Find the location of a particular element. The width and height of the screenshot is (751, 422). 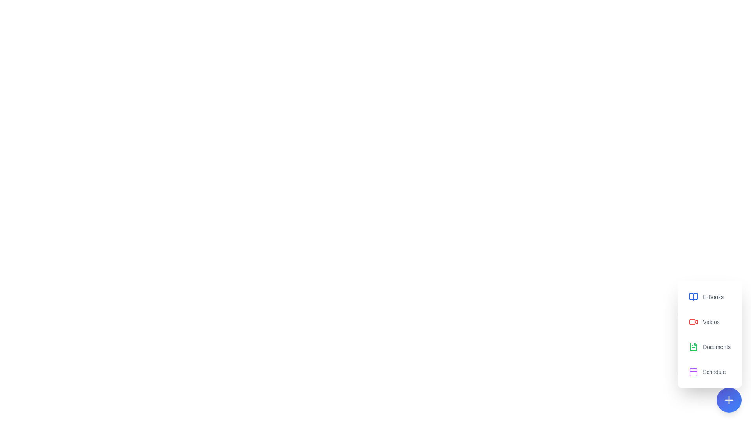

the button corresponding to Schedule to access the desired resource is located at coordinates (710, 372).